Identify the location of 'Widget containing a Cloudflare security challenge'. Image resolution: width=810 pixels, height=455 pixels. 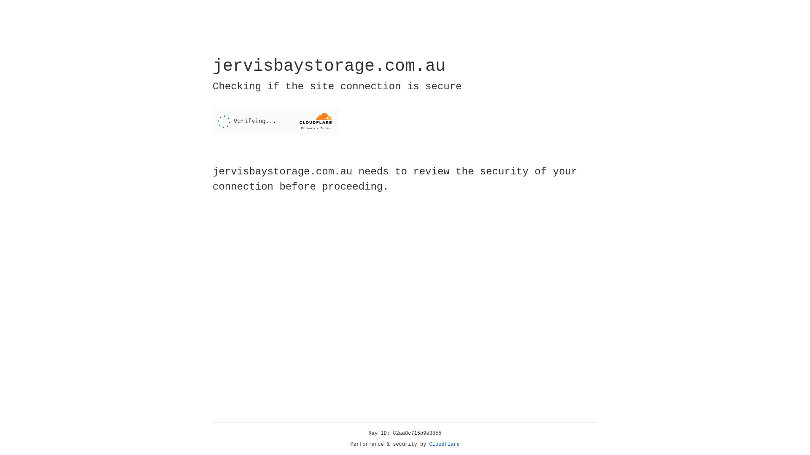
(275, 121).